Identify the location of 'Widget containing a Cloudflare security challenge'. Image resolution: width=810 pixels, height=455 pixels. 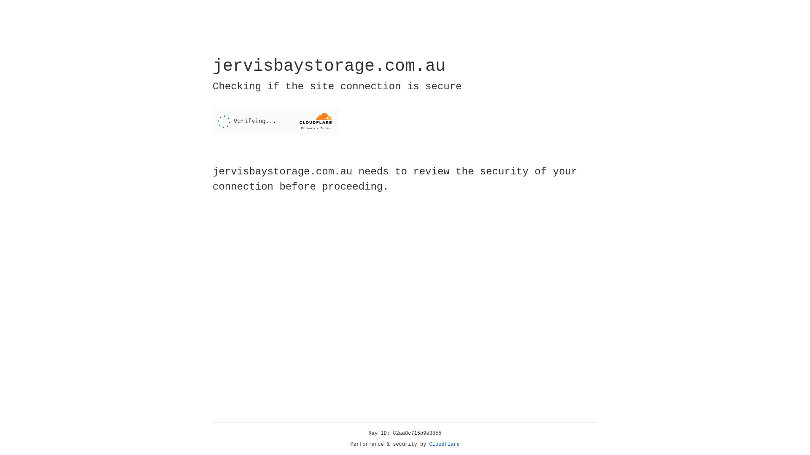
(275, 121).